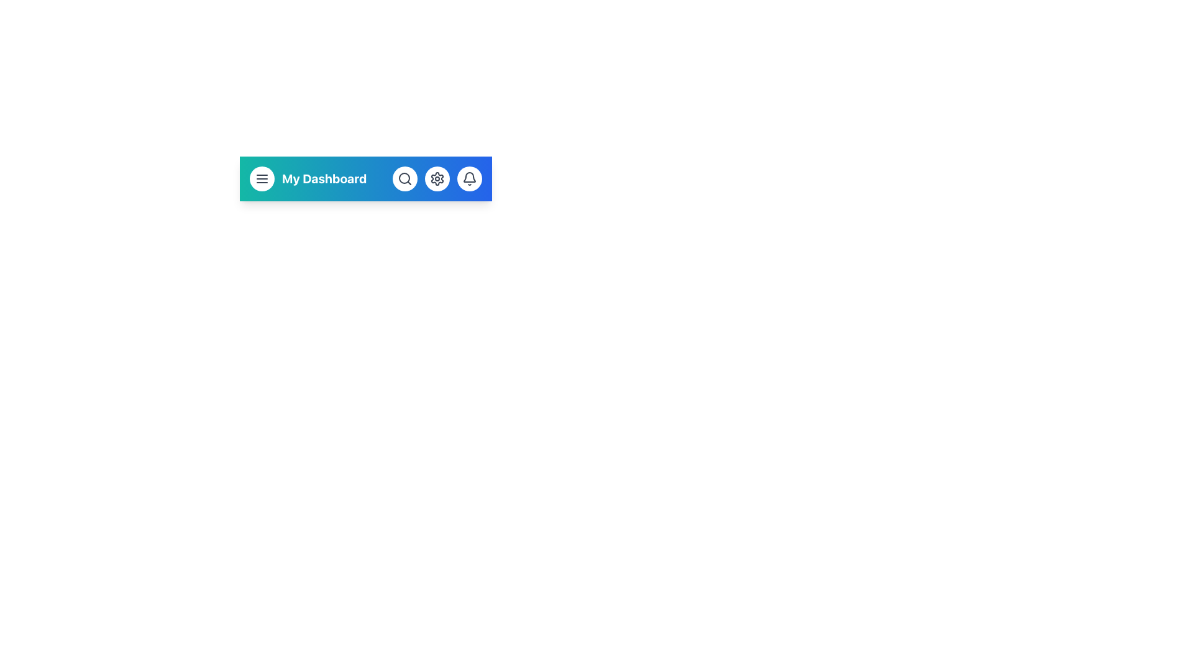 The width and height of the screenshot is (1193, 671). What do you see at coordinates (437, 179) in the screenshot?
I see `the gear/settings icon located in the navigation bar` at bounding box center [437, 179].